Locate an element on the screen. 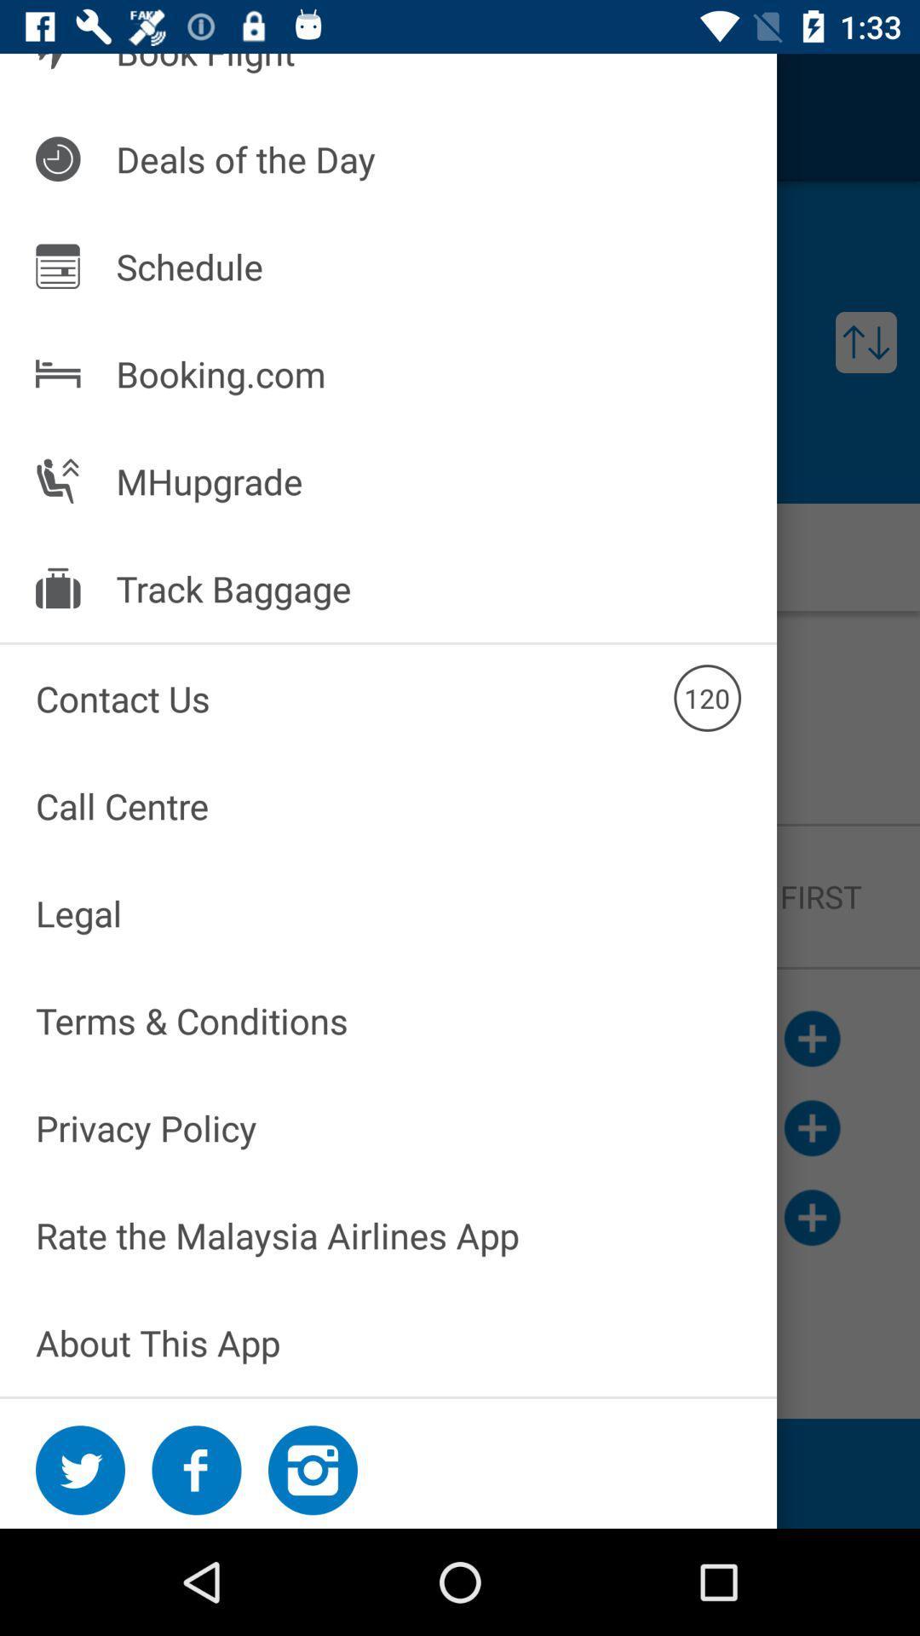 Image resolution: width=920 pixels, height=1636 pixels. the add icon is located at coordinates (811, 1217).